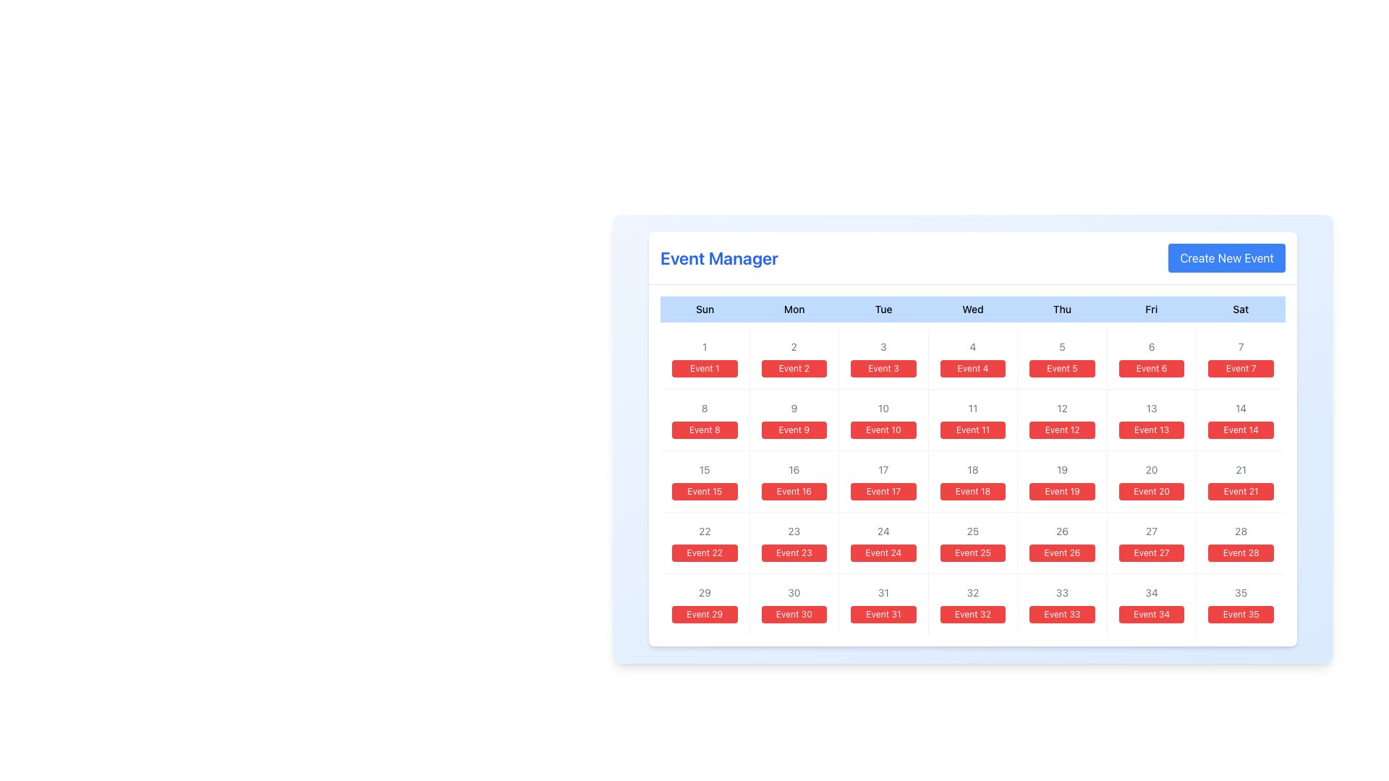  I want to click on the static text displaying the date number in the lower-right corner of the box labeled 'Event 31' in the calendar grid, so click(883, 593).